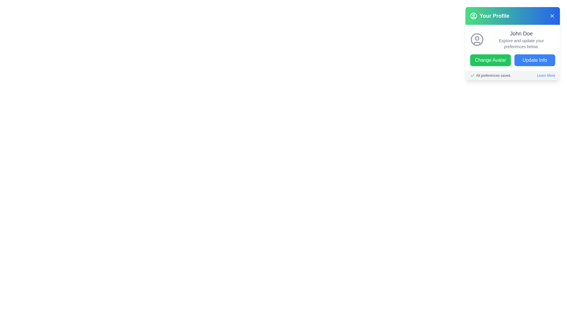 The width and height of the screenshot is (567, 319). What do you see at coordinates (472, 75) in the screenshot?
I see `the success indicator icon located at the start of the notification bar, aligned to the left of the text 'All preferences saved.'` at bounding box center [472, 75].